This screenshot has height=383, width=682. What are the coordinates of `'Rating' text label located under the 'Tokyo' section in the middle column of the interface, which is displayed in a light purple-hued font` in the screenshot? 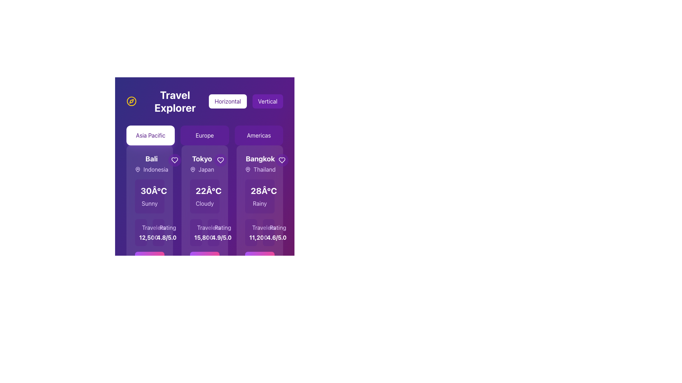 It's located at (222, 227).